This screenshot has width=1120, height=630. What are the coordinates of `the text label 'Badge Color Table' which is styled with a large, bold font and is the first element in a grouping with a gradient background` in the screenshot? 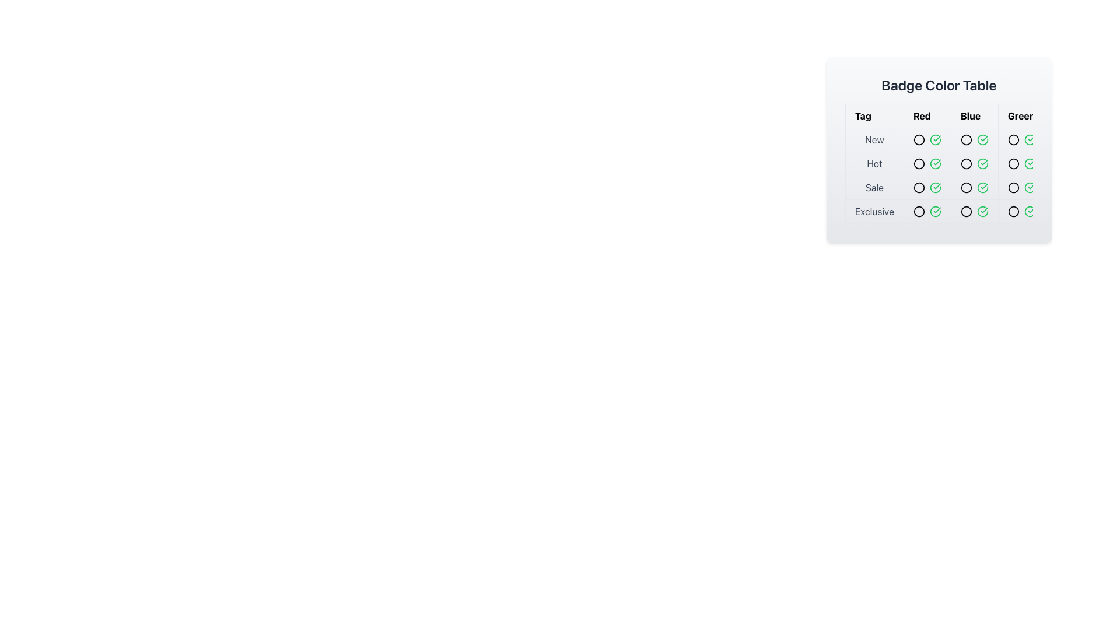 It's located at (939, 85).